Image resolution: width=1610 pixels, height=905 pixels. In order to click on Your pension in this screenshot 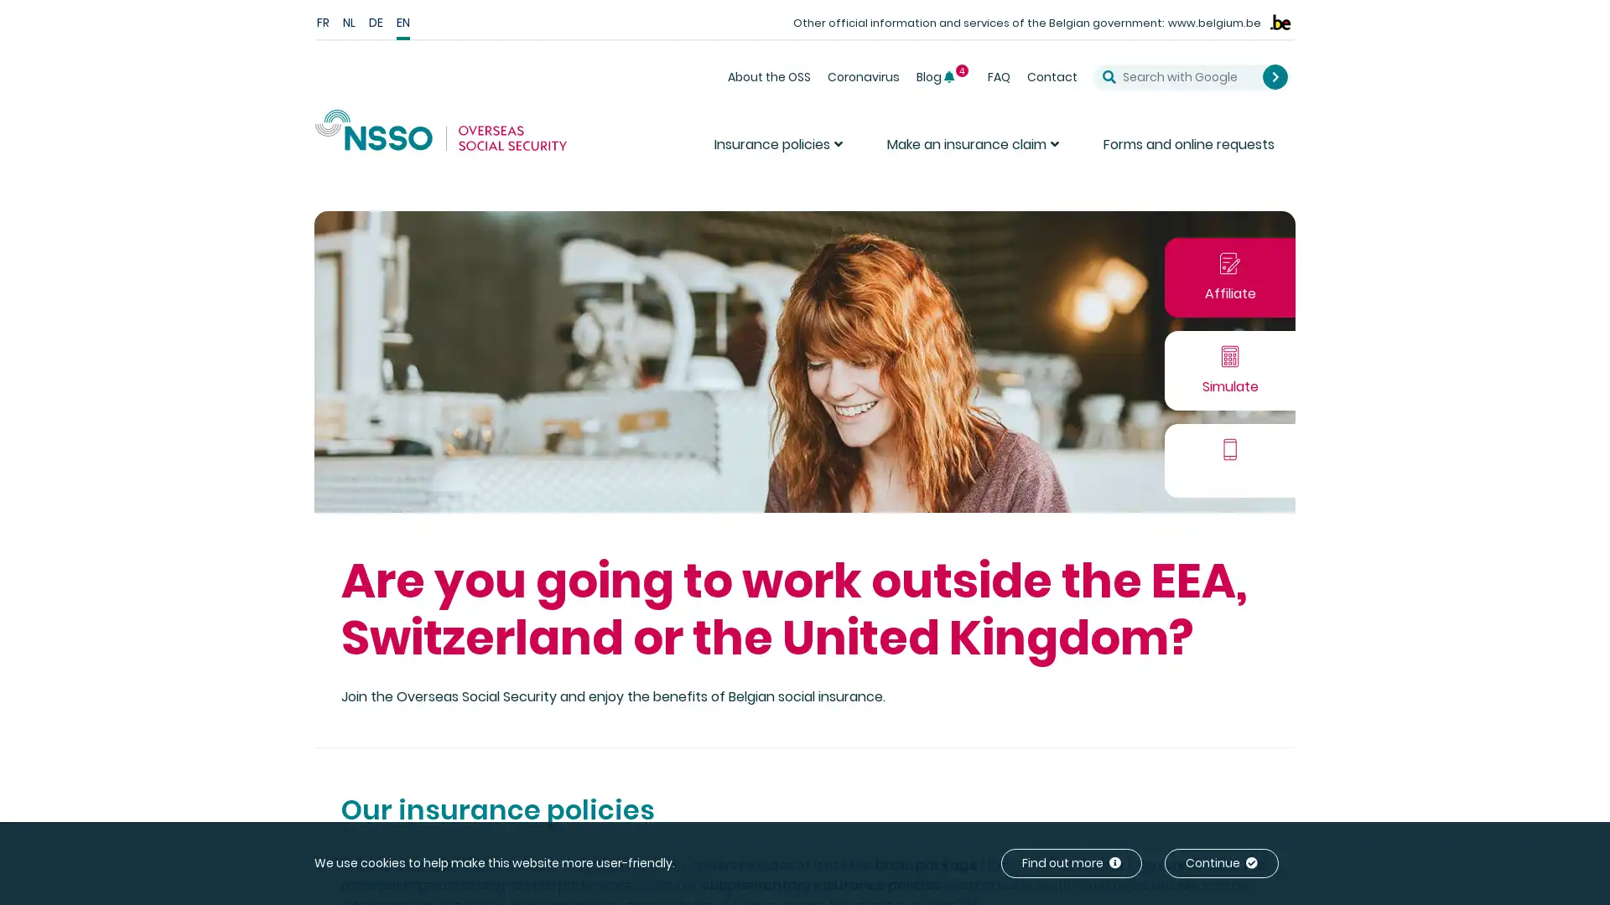, I will do `click(1344, 383)`.